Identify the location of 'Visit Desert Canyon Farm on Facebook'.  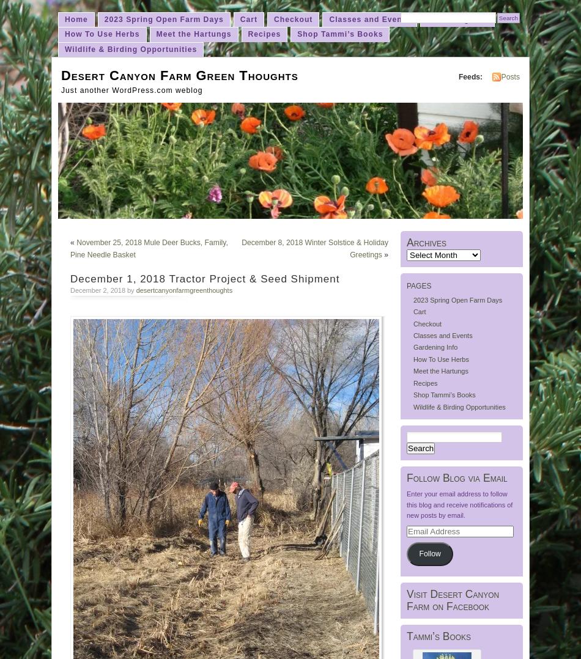
(452, 600).